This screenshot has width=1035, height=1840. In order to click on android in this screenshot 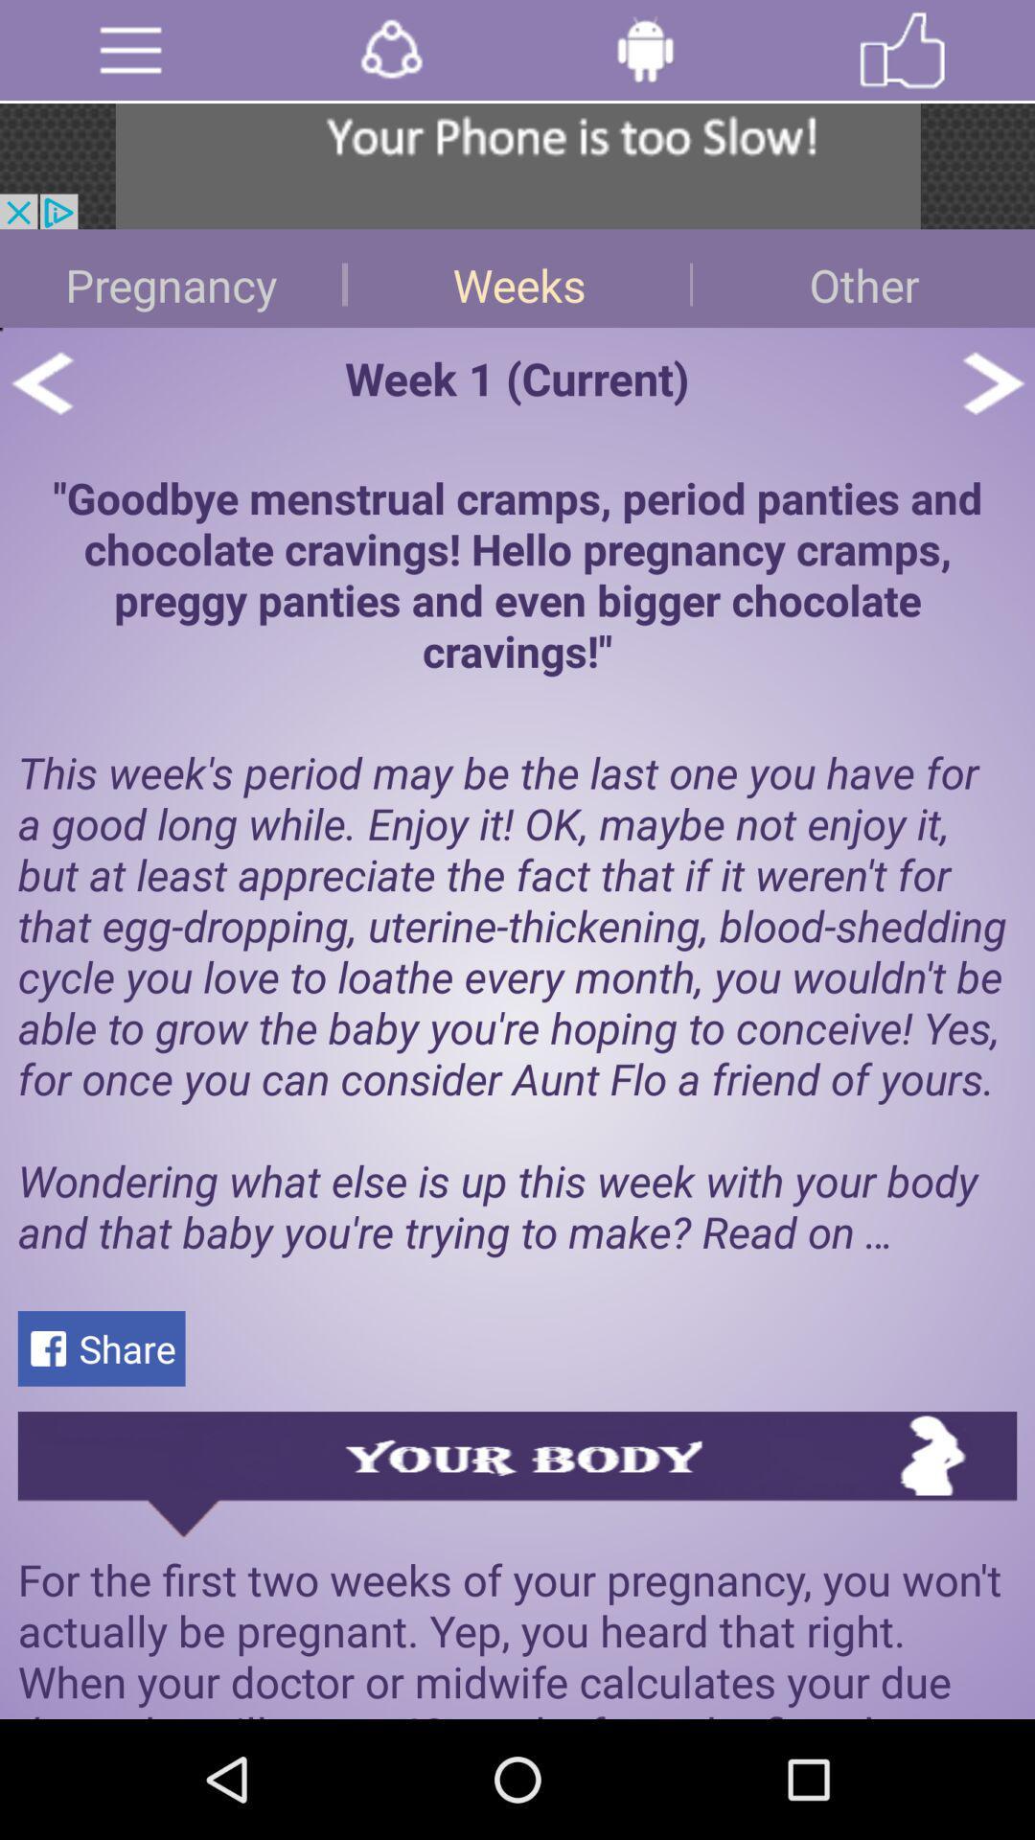, I will do `click(645, 50)`.